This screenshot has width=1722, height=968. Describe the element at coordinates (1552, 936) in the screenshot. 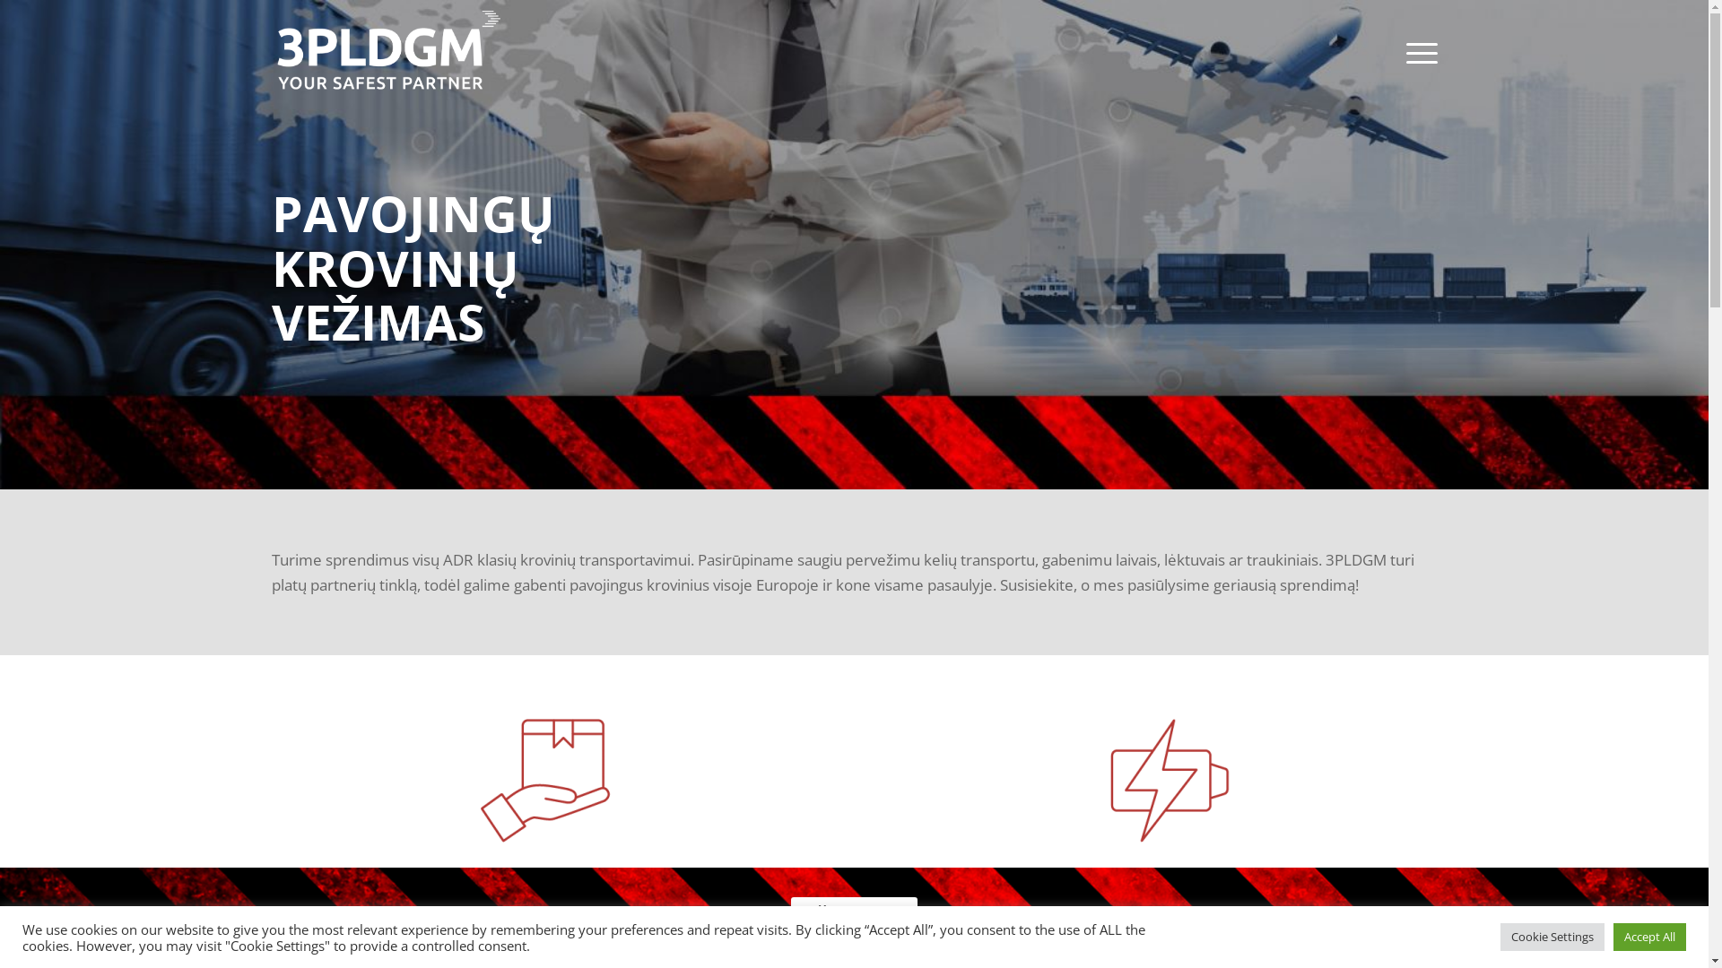

I see `'Cookie Settings'` at that location.